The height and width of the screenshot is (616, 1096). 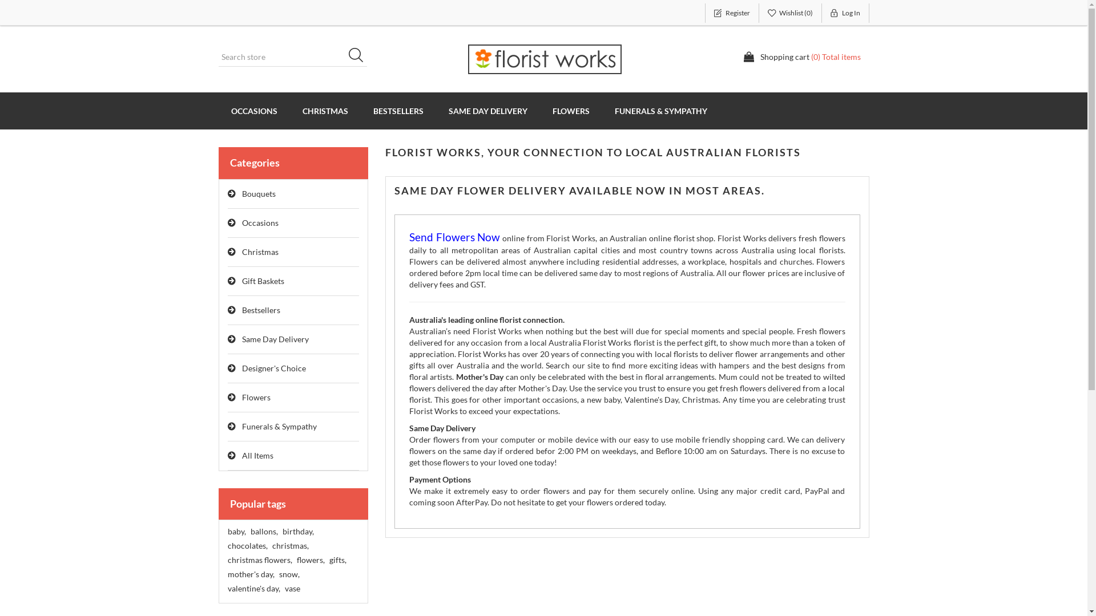 I want to click on 'Bouquets', so click(x=293, y=193).